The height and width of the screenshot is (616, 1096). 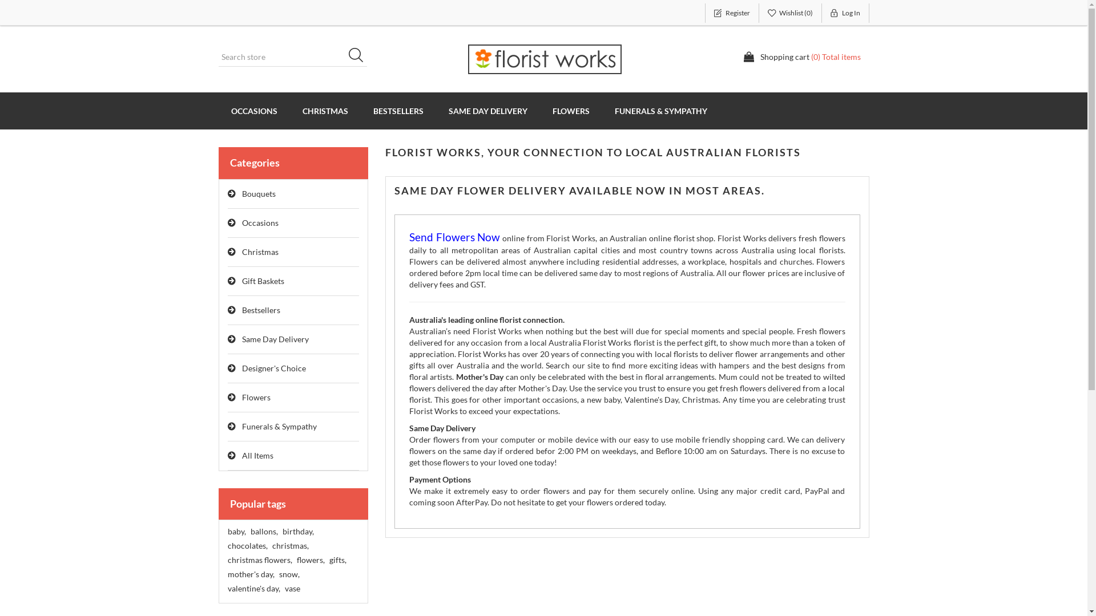 I want to click on 'Bouquets', so click(x=293, y=193).